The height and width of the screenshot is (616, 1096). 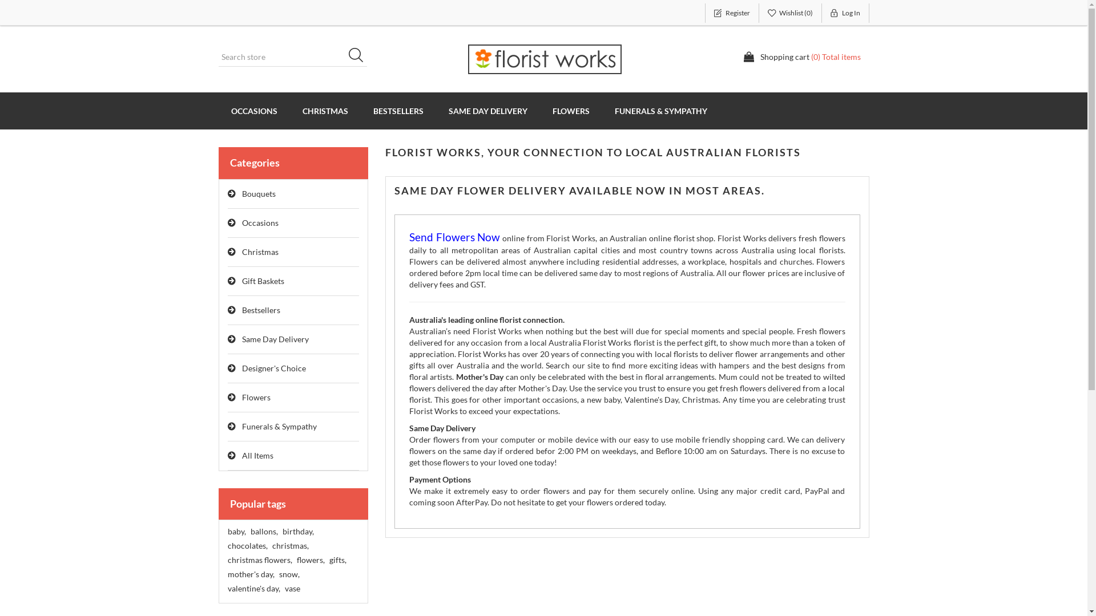 I want to click on 'Bouquets', so click(x=293, y=193).